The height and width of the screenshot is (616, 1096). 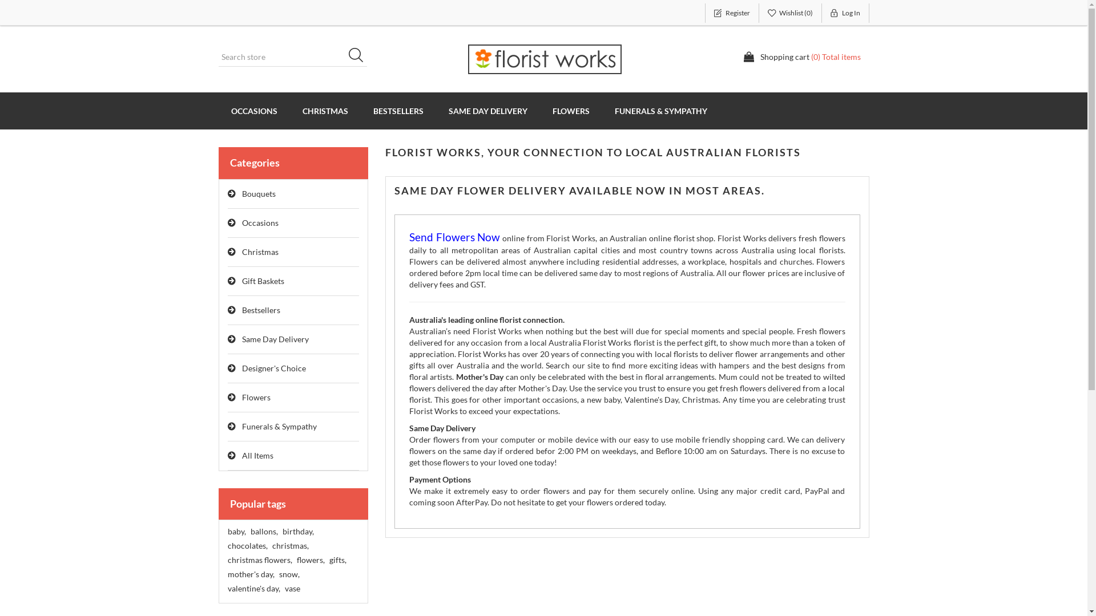 I want to click on 'Bouquets', so click(x=293, y=193).